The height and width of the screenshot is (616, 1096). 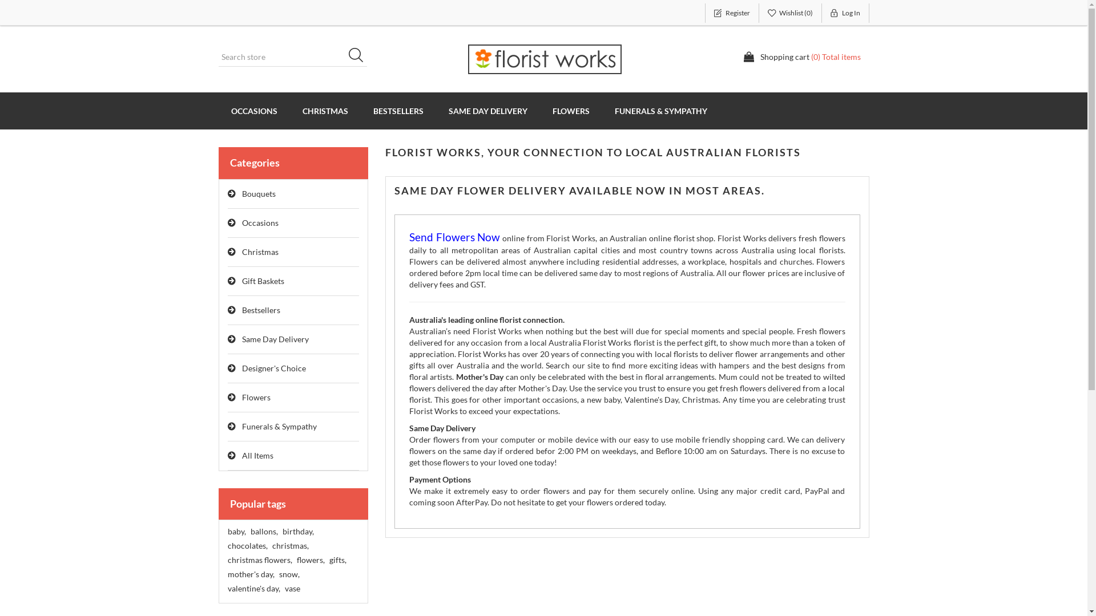 I want to click on 'Bouquets', so click(x=293, y=193).